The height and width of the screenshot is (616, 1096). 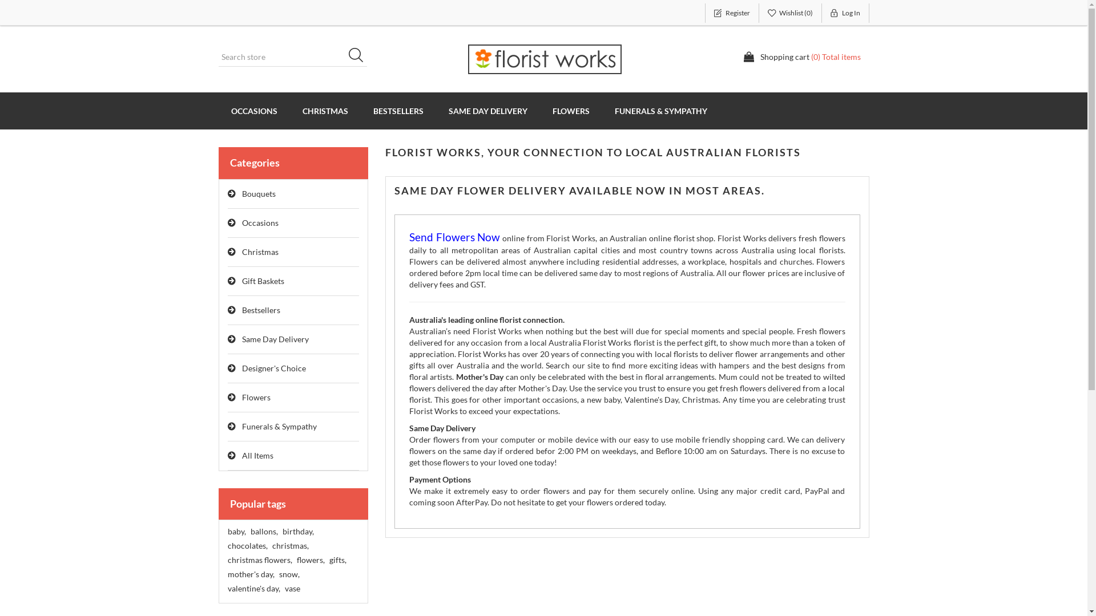 I want to click on 'Bouquets', so click(x=293, y=193).